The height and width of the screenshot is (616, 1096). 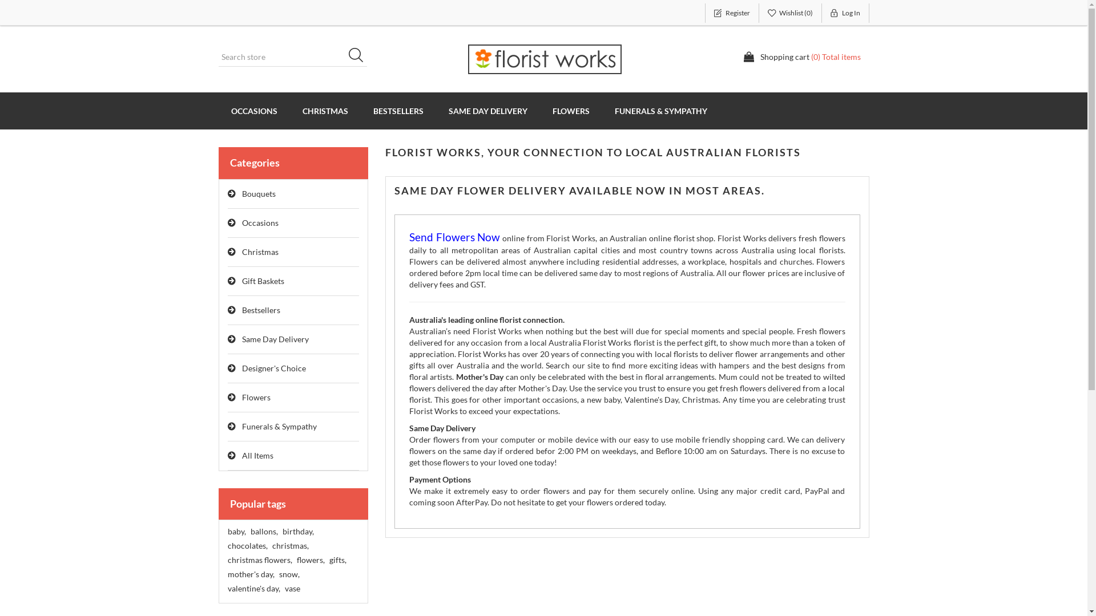 I want to click on 'Bouquets', so click(x=293, y=193).